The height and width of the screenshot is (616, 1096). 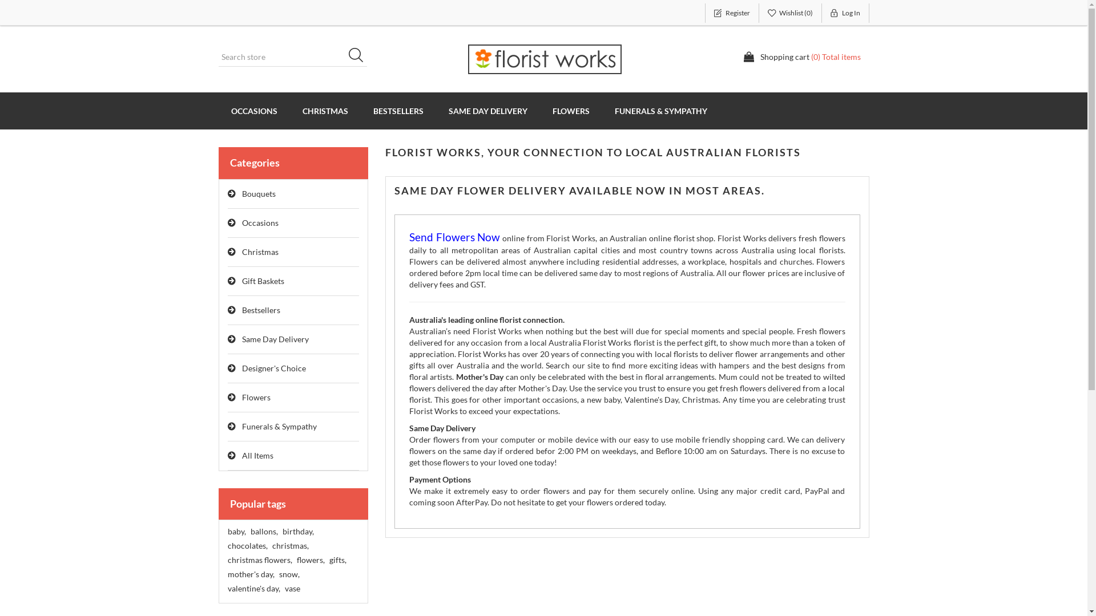 I want to click on 'Bouquets', so click(x=293, y=193).